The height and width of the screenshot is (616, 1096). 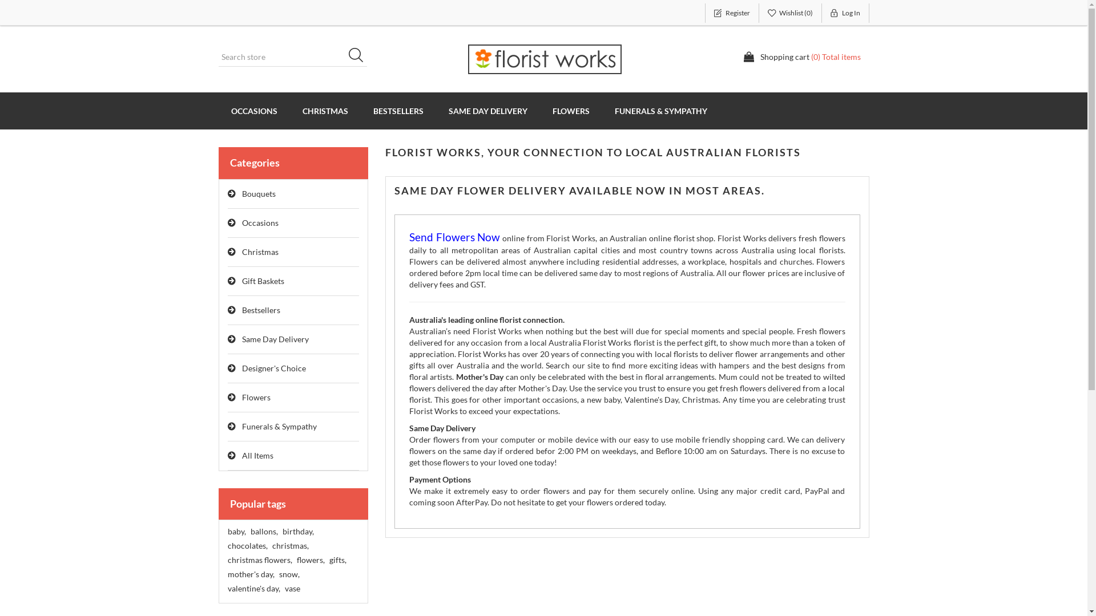 I want to click on 'Bouquets', so click(x=293, y=193).